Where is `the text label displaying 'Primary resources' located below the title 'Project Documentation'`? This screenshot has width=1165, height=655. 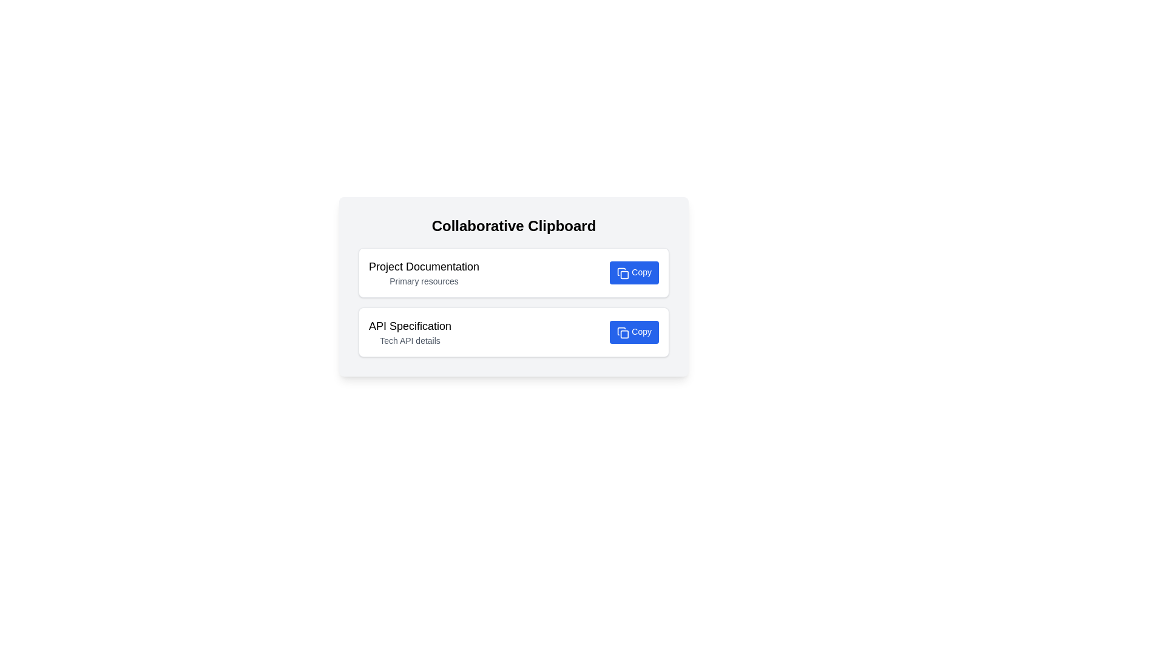 the text label displaying 'Primary resources' located below the title 'Project Documentation' is located at coordinates (424, 281).